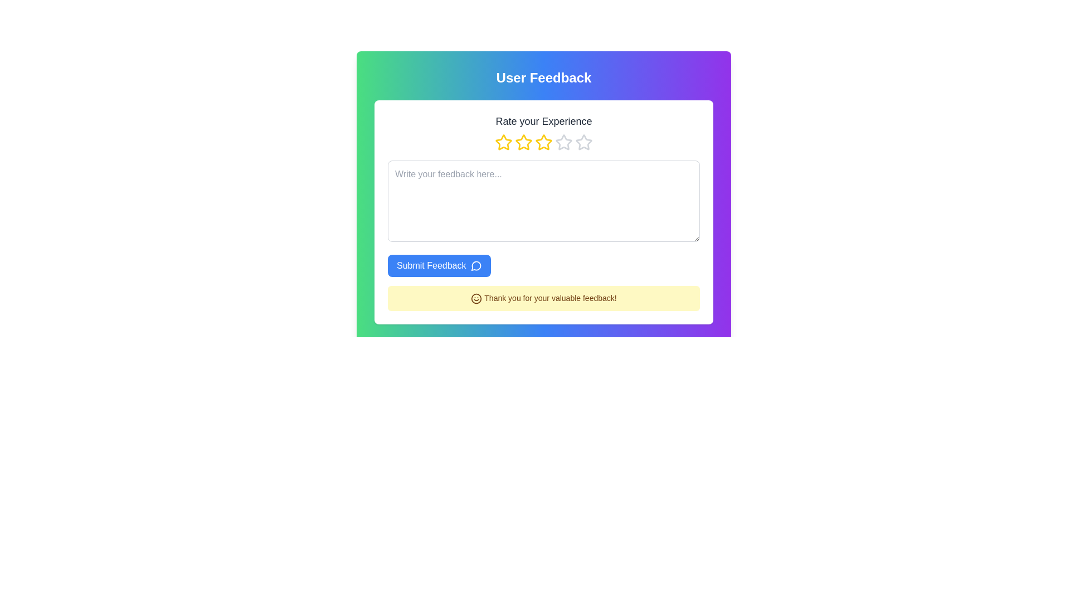  I want to click on the center star in the 'Rate your Experience' section, so click(543, 142).